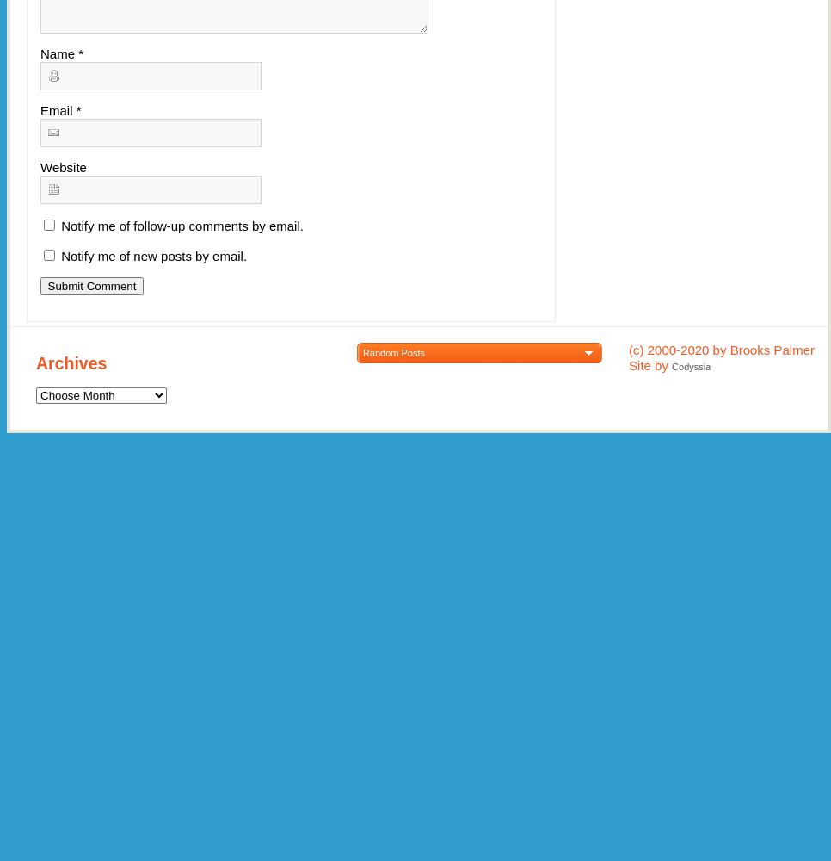 This screenshot has height=861, width=831. What do you see at coordinates (58, 53) in the screenshot?
I see `'Name'` at bounding box center [58, 53].